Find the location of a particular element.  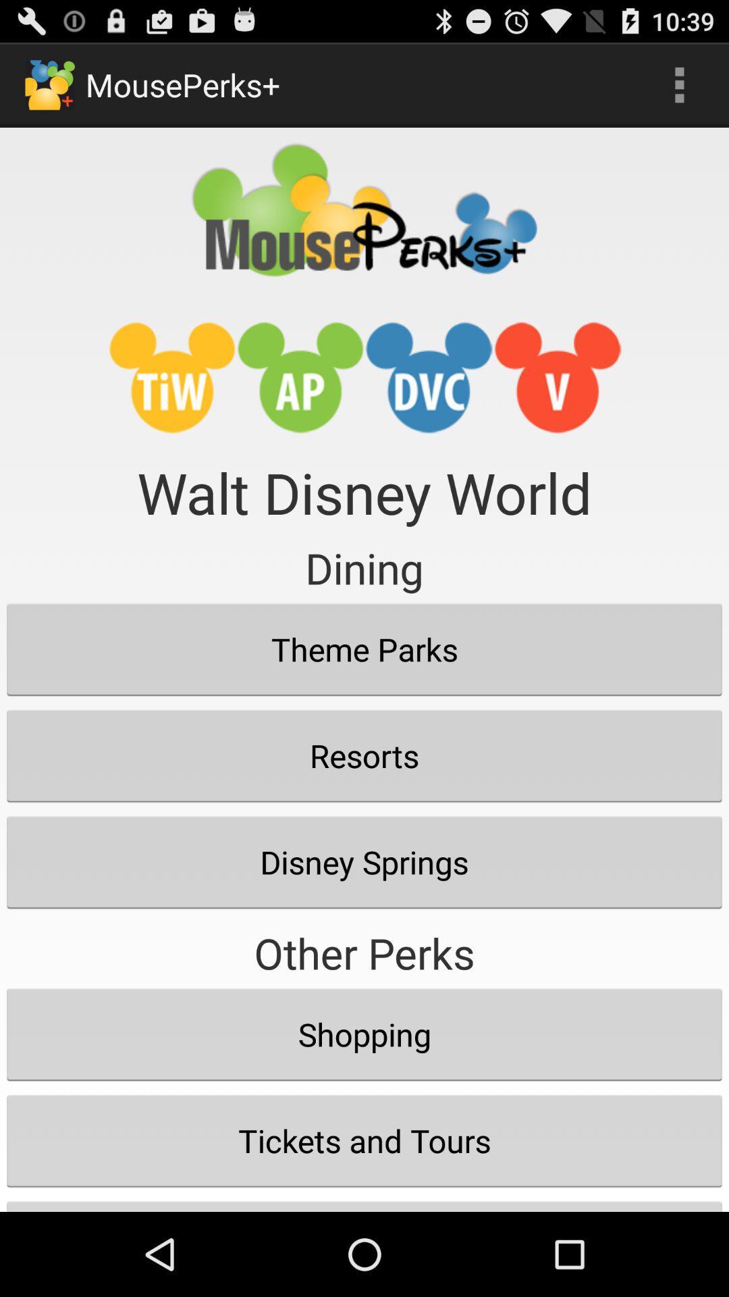

shopping is located at coordinates (364, 1034).